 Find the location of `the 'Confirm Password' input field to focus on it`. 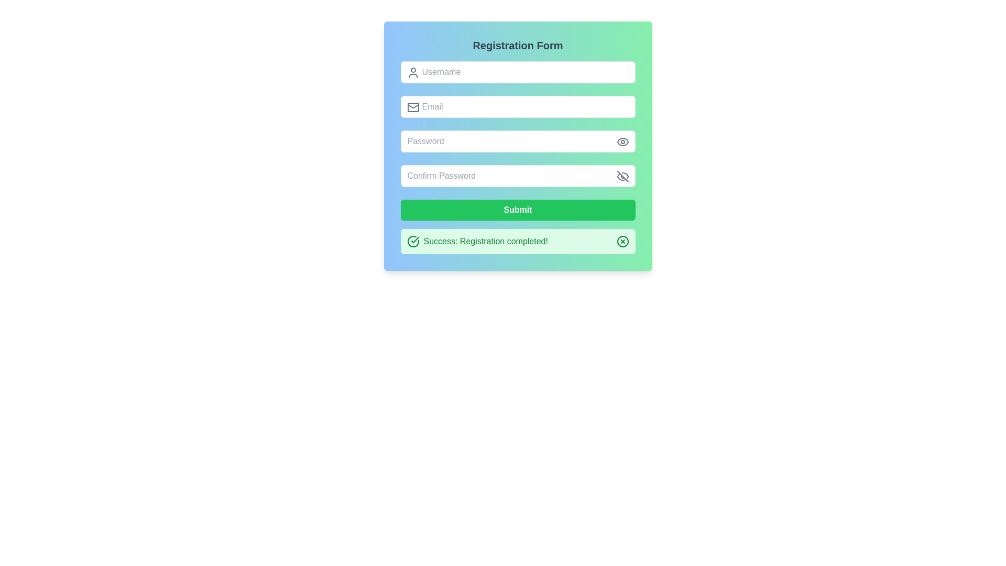

the 'Confirm Password' input field to focus on it is located at coordinates (518, 175).